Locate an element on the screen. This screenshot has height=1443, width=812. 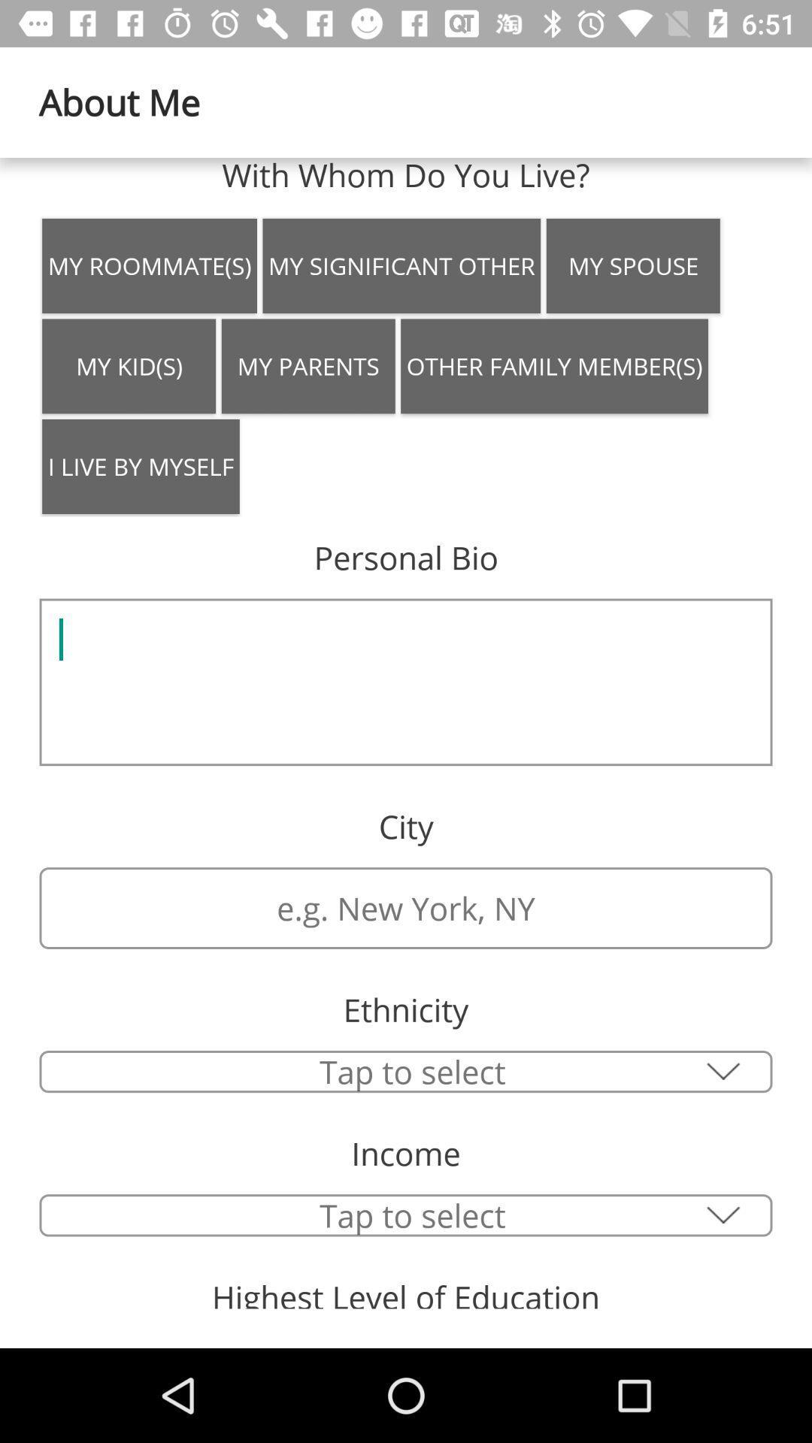
the item next to the my significant other is located at coordinates (633, 266).